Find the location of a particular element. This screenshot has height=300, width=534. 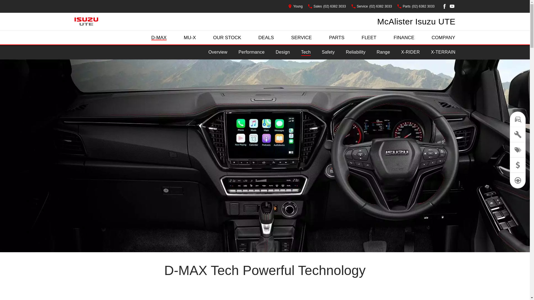

'FINANCE' is located at coordinates (404, 37).